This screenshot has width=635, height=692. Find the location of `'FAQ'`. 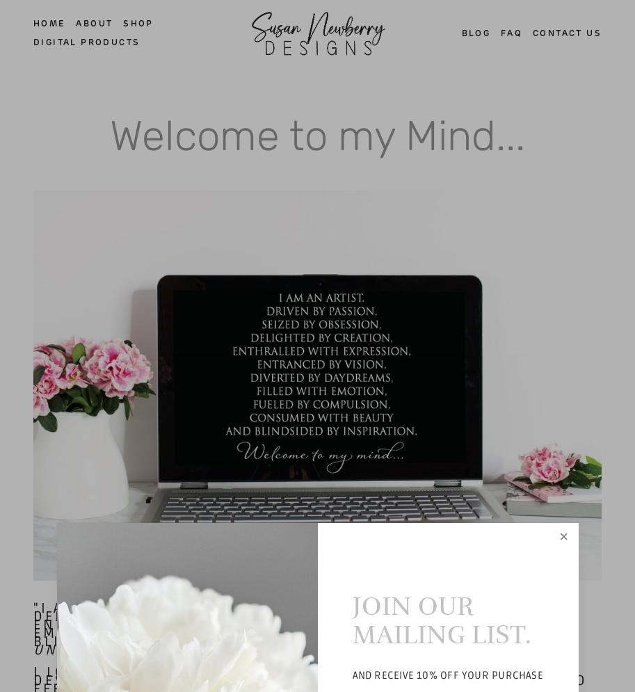

'FAQ' is located at coordinates (510, 31).